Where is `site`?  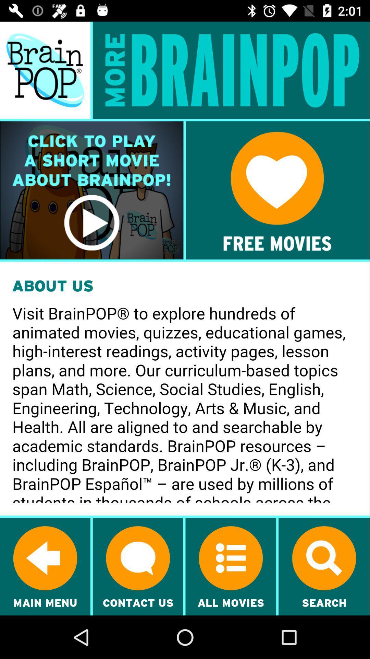
site is located at coordinates (277, 190).